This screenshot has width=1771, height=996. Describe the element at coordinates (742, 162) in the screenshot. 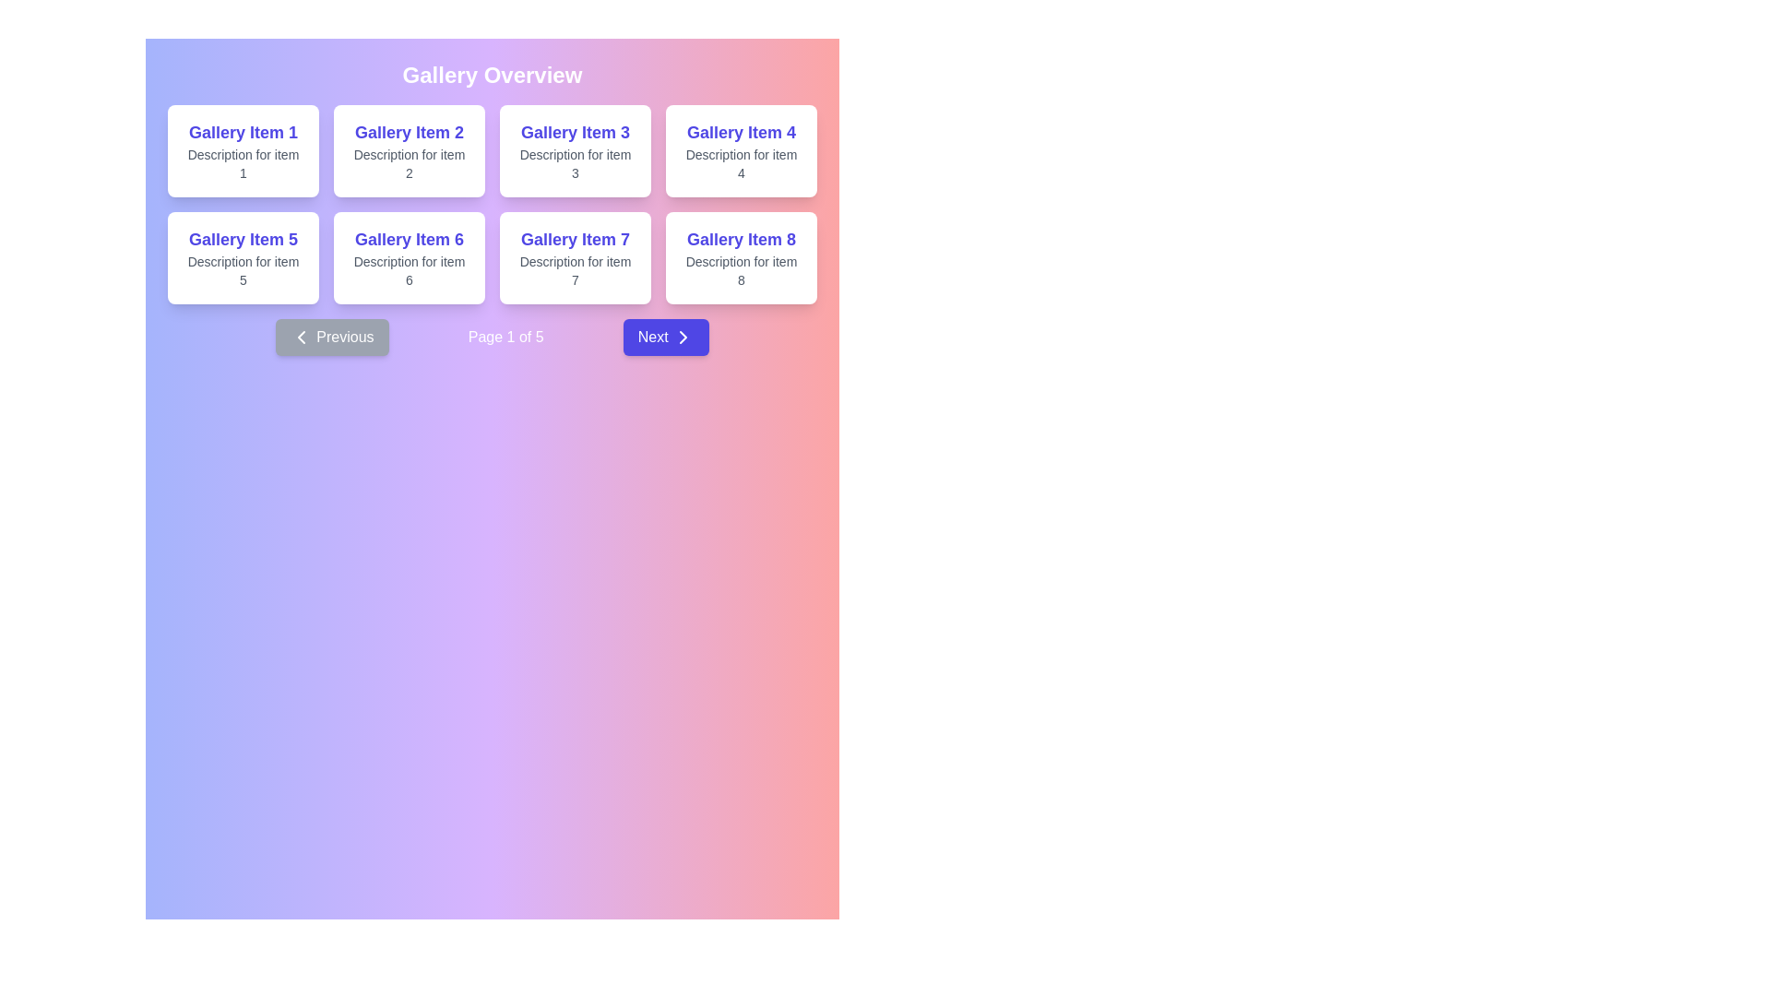

I see `the Text Label that provides additional details for the item displayed in the fourth card of the gallery, located below 'Gallery Item 4'` at that location.